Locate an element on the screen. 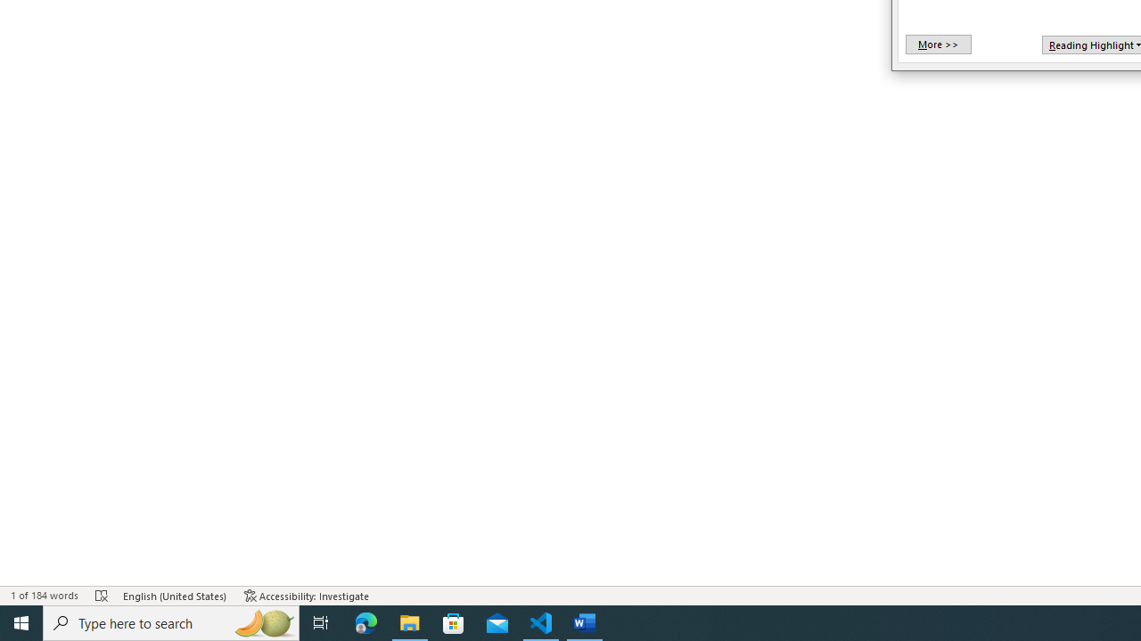  'Start' is located at coordinates (21, 621).